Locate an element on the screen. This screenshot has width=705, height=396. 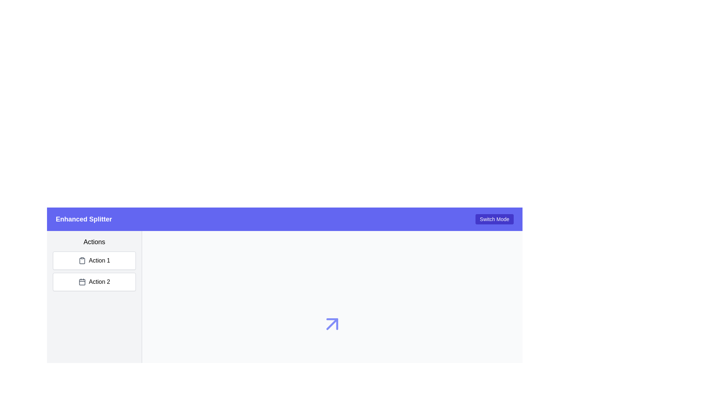
the second button in the vertical stack under the 'Actions' section is located at coordinates (94, 281).